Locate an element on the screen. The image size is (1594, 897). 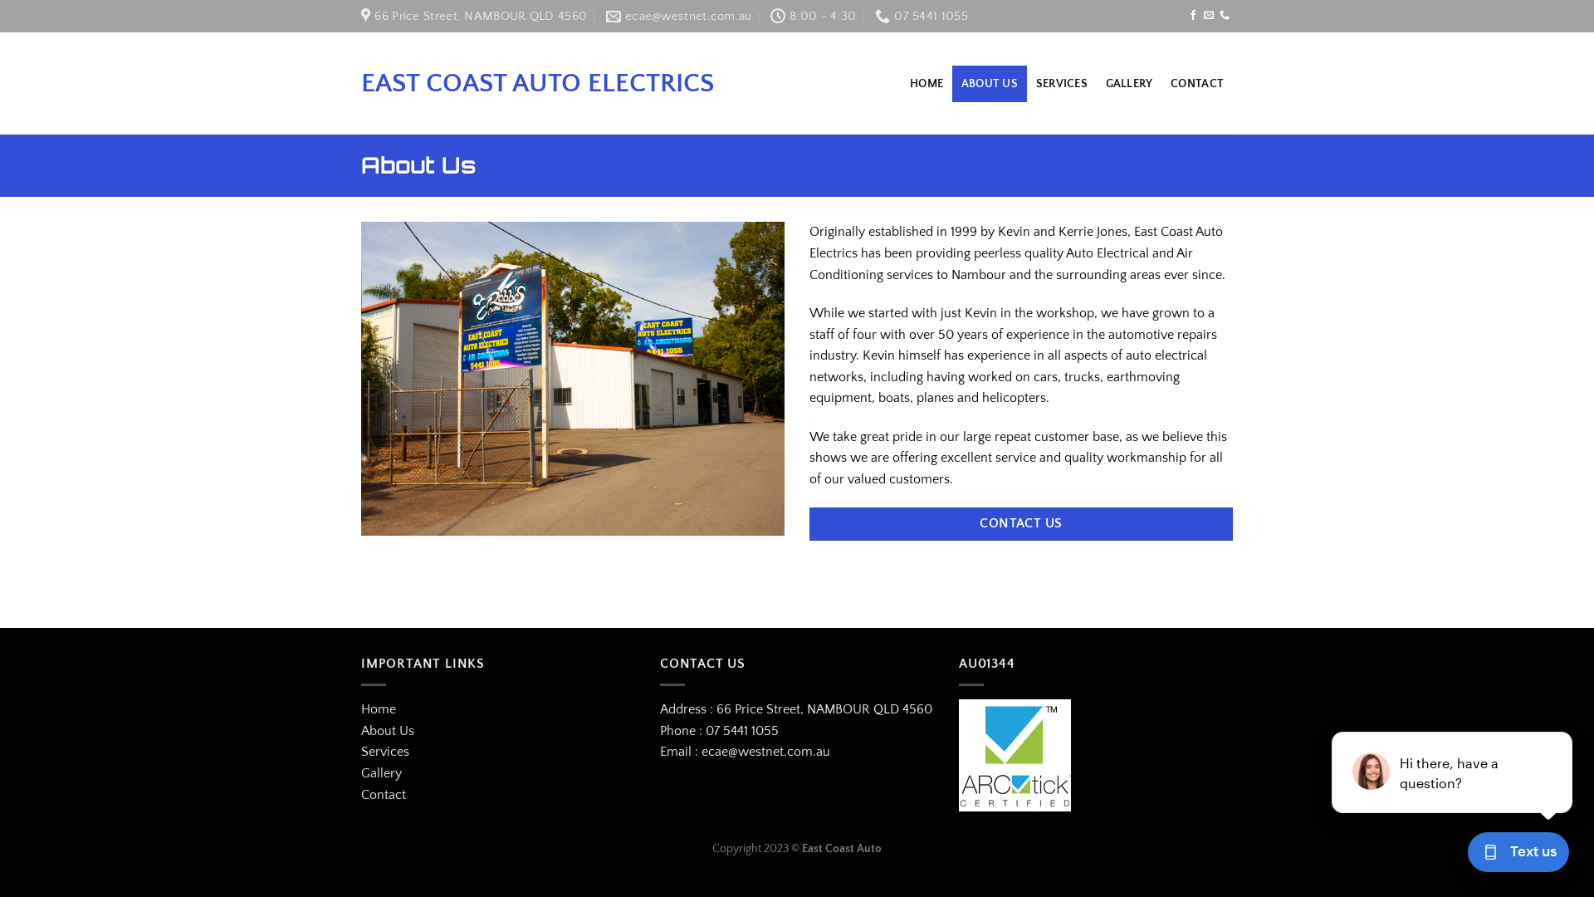
'Services' is located at coordinates (384, 752).